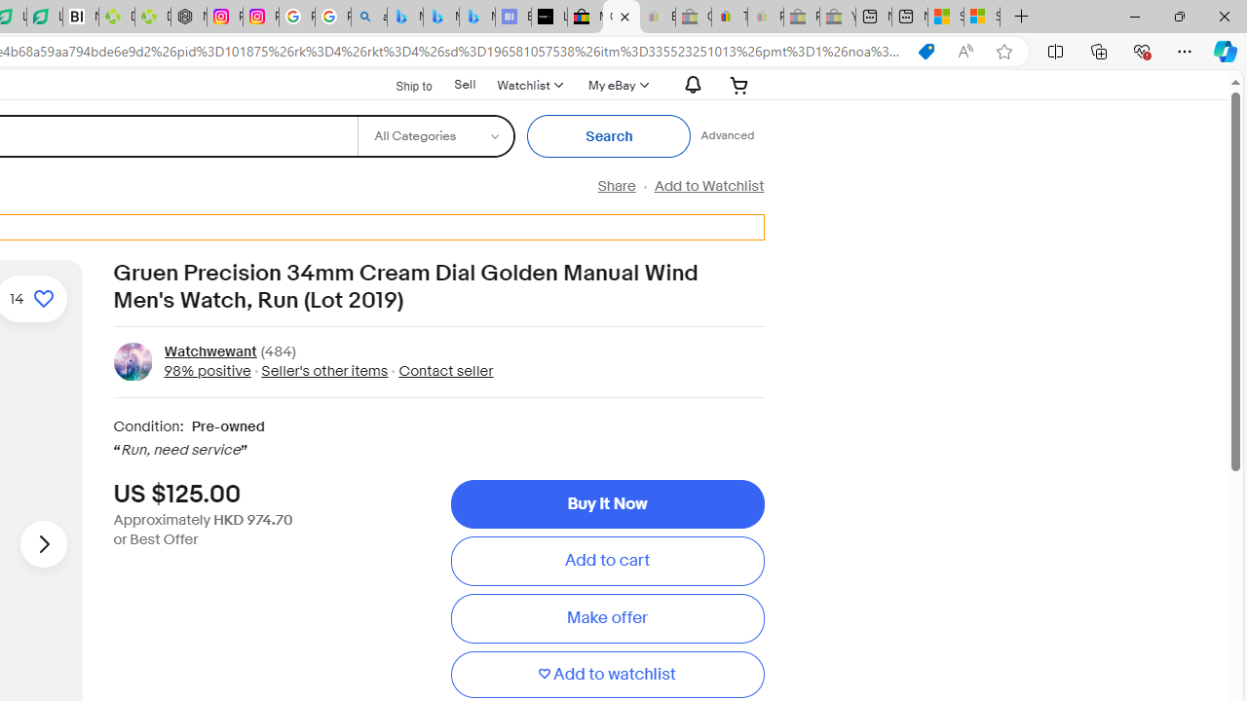 This screenshot has height=701, width=1247. Describe the element at coordinates (606, 618) in the screenshot. I see `'Make offer'` at that location.